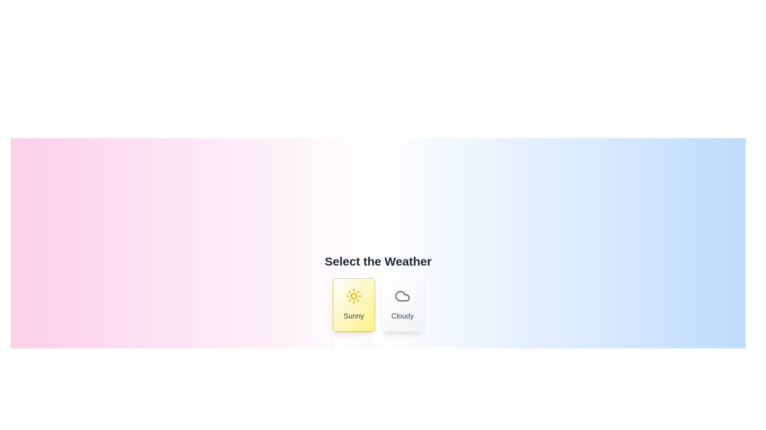 The width and height of the screenshot is (766, 430). Describe the element at coordinates (402, 296) in the screenshot. I see `the cloud-shaped icon with a gray outline that is centered above the 'Cloudy' text in the second card of the two-card layout` at that location.